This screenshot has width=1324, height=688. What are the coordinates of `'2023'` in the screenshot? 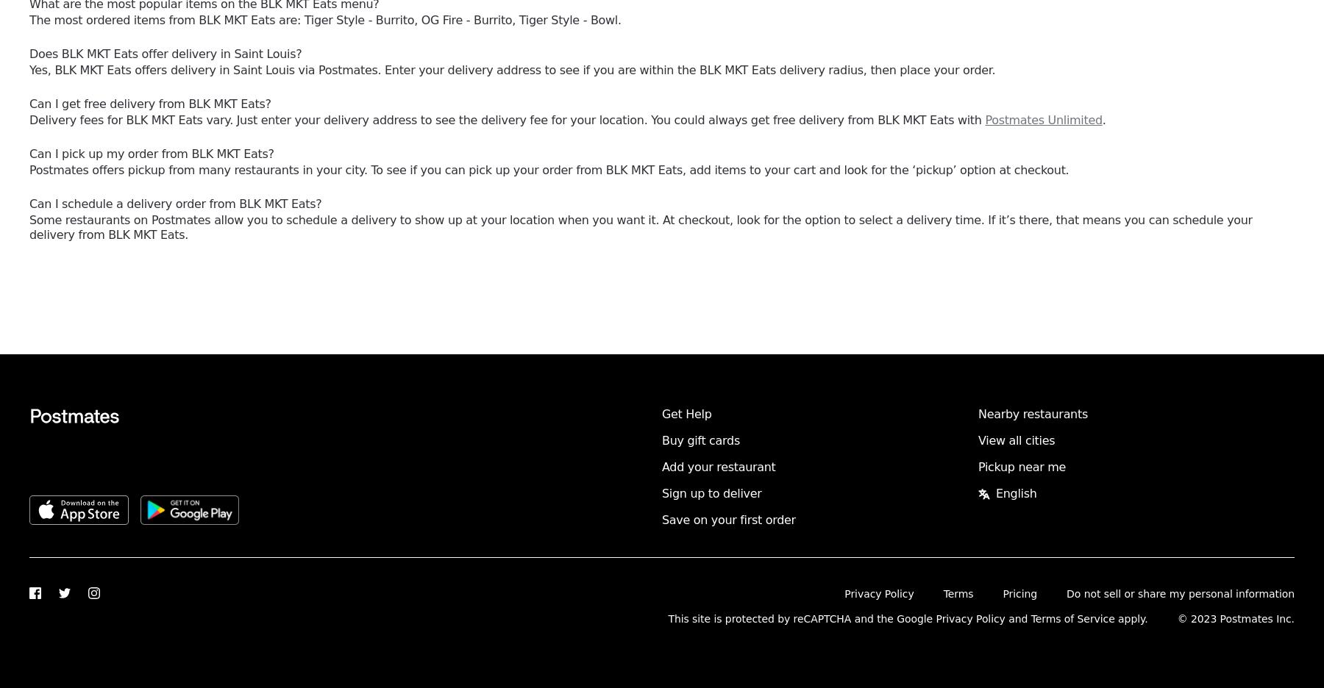 It's located at (1203, 619).